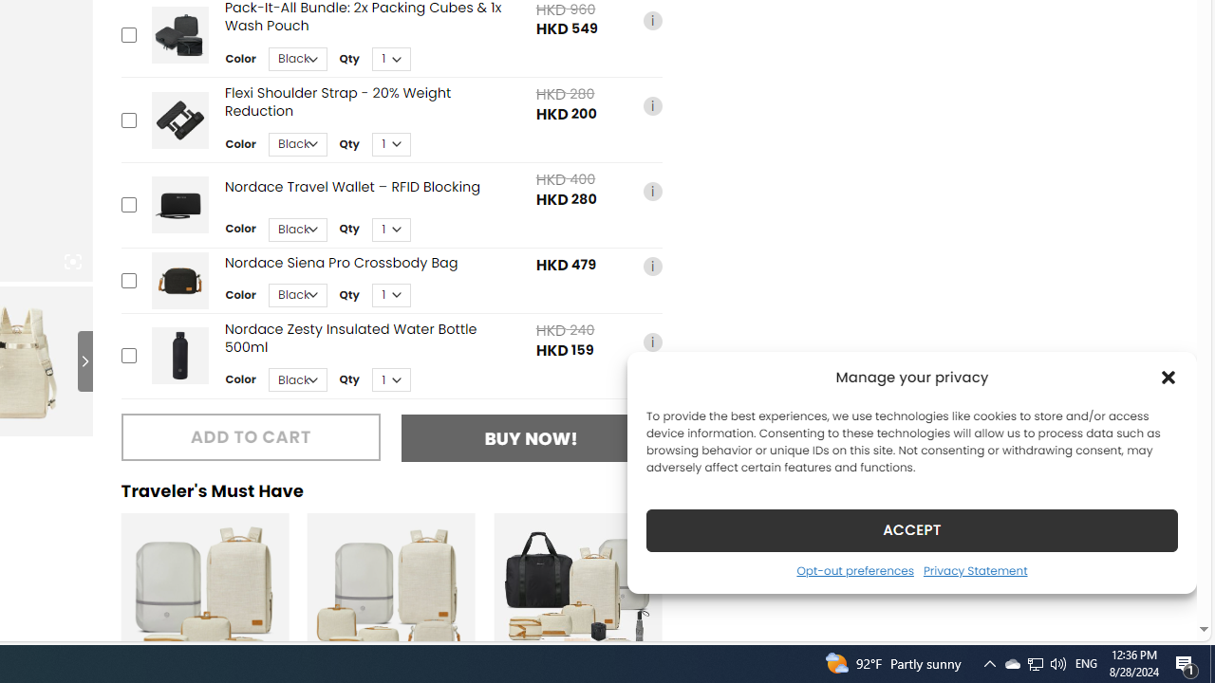 This screenshot has height=683, width=1215. Describe the element at coordinates (975, 569) in the screenshot. I see `'Privacy Statement'` at that location.